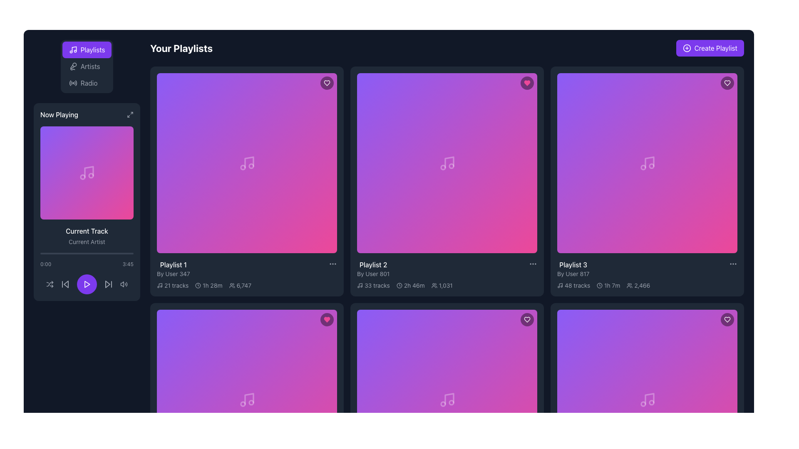  What do you see at coordinates (414, 285) in the screenshot?
I see `total duration information displayed in the Text Label located in the 'Playlist 2' card within the 'Your Playlists' grid, positioned alongside the clock icon` at bounding box center [414, 285].